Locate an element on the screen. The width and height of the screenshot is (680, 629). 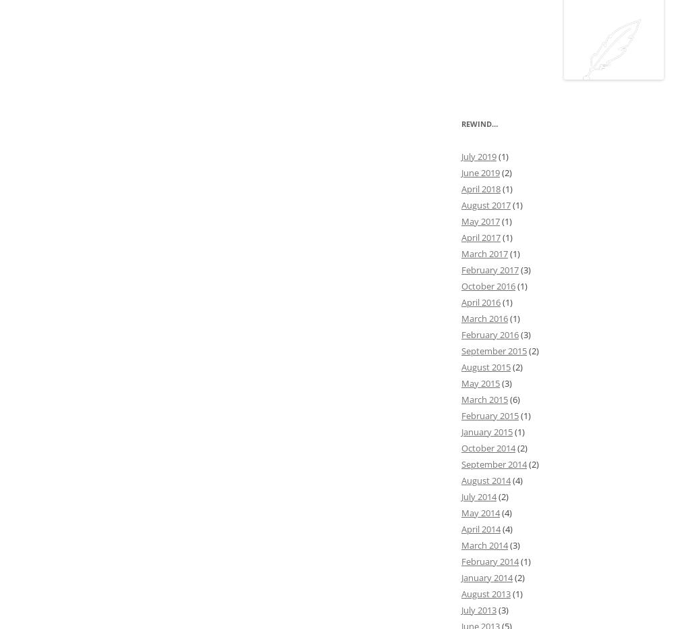
'February 2015' is located at coordinates (490, 414).